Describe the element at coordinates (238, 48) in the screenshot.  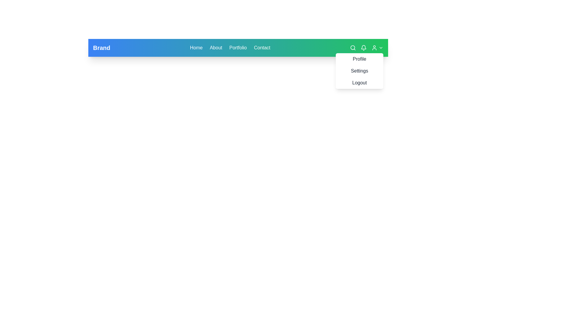
I see `the 'Portfolio' hyperlink in the top-right horizontal navigation menu` at that location.